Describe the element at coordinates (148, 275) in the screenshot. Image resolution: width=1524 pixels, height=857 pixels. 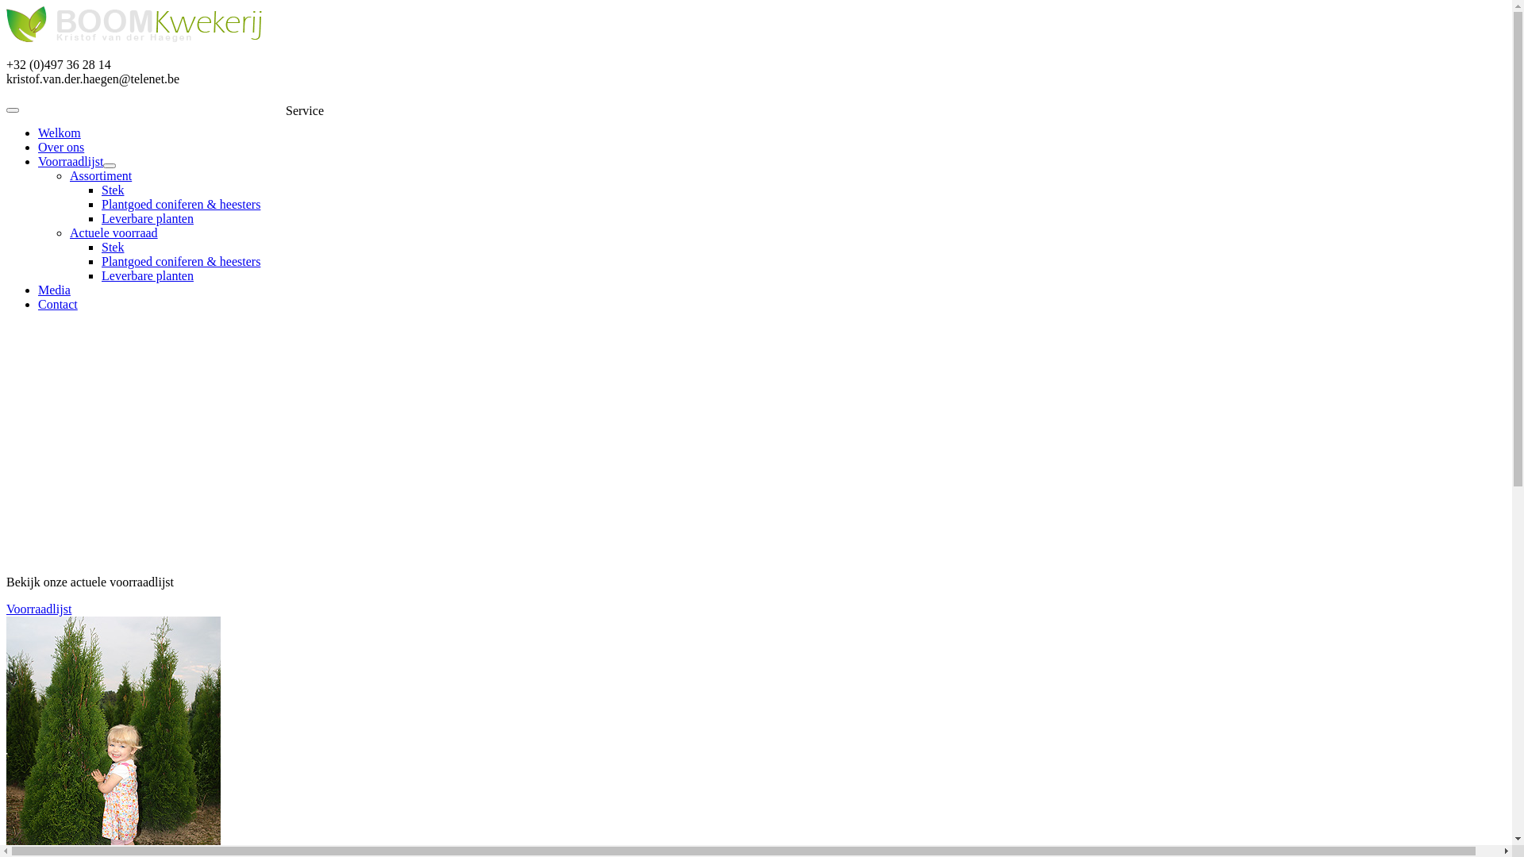
I see `'Leverbare planten'` at that location.